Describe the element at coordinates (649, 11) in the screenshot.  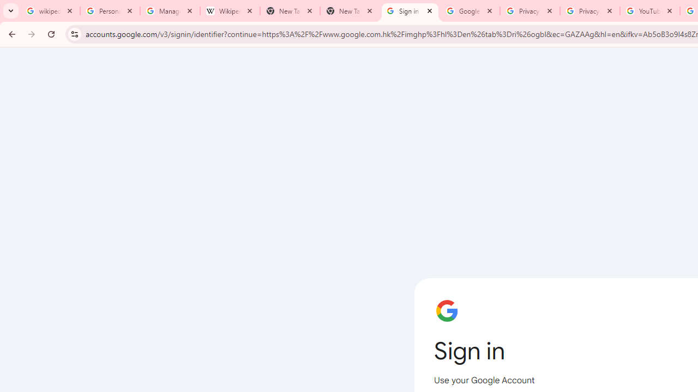
I see `'YouTube'` at that location.